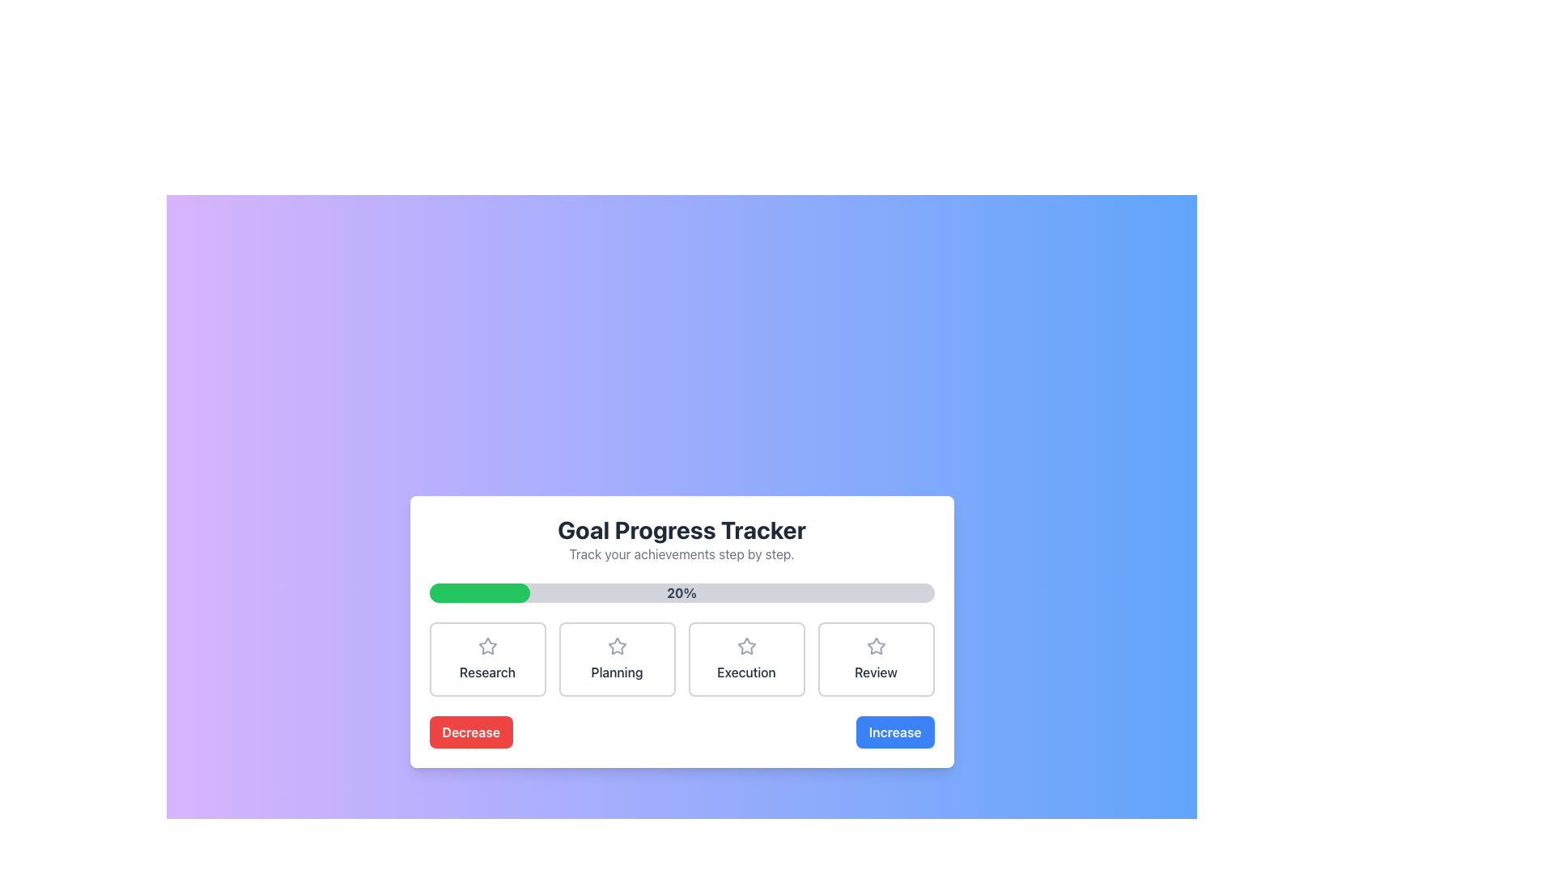  What do you see at coordinates (616, 645) in the screenshot?
I see `the star icon in the second slot of the four icons above the 'Planning' label` at bounding box center [616, 645].